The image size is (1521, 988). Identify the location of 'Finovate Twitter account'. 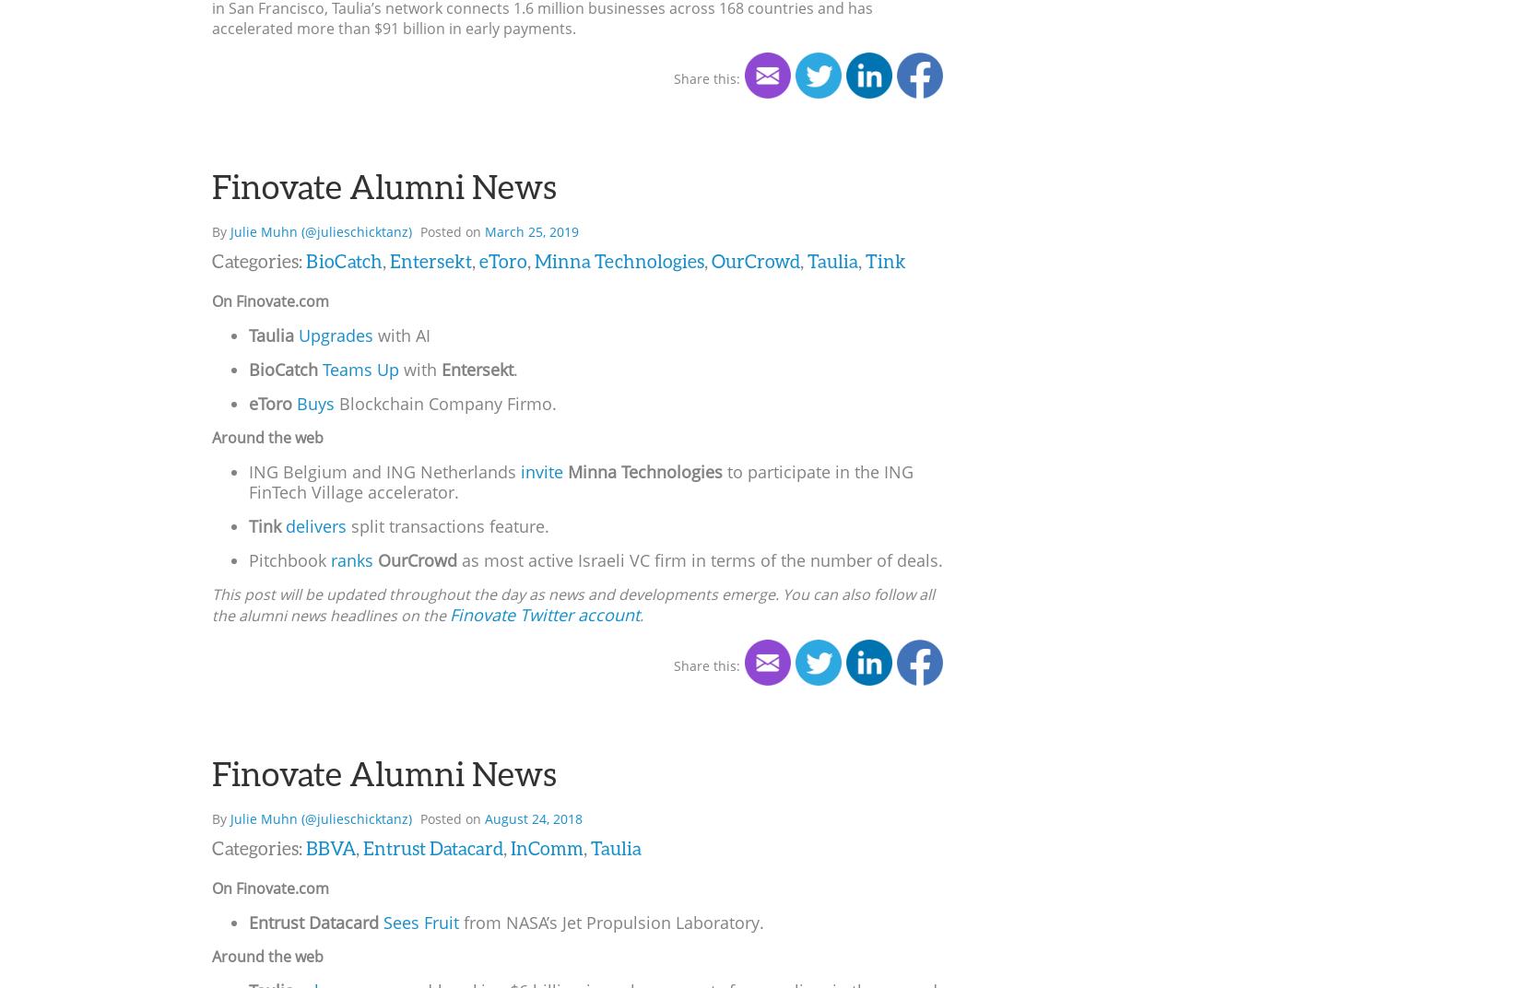
(449, 614).